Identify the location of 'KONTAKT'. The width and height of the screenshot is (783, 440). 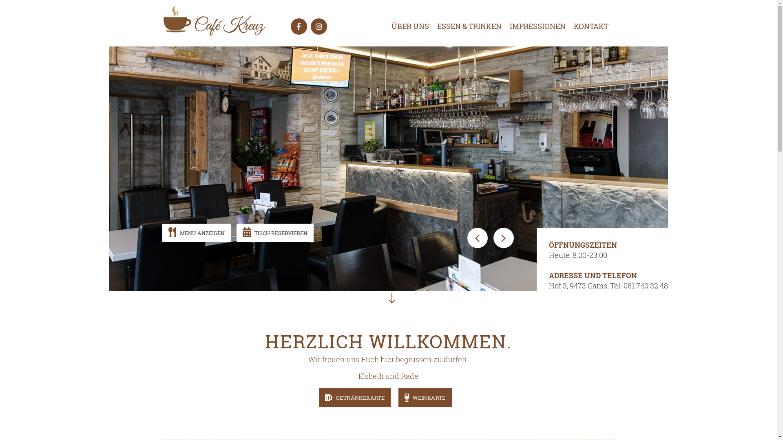
(586, 26).